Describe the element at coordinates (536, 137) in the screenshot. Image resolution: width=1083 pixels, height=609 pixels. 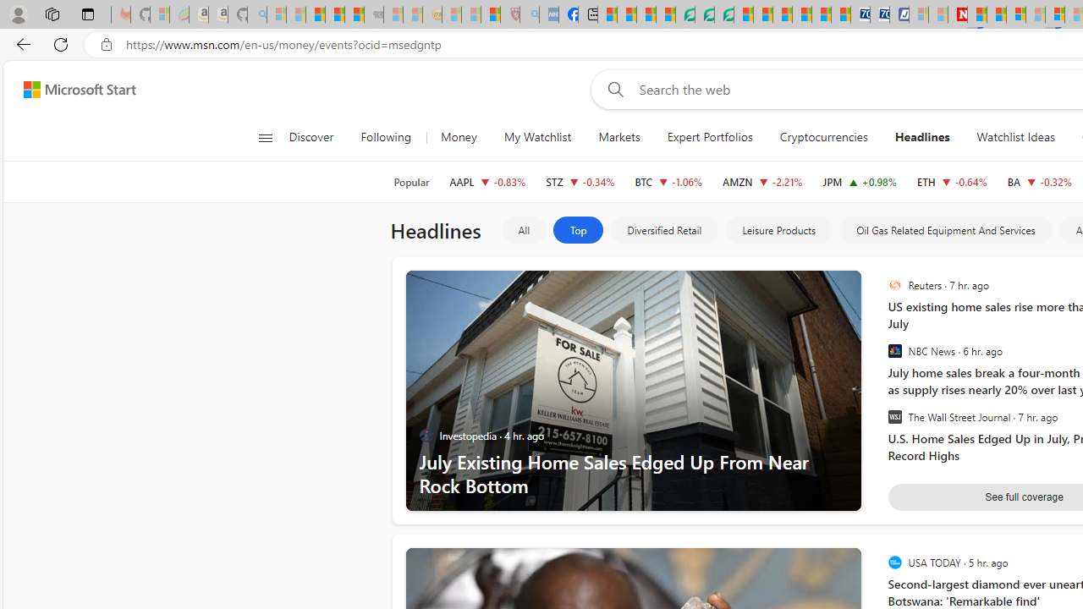
I see `'My Watchlist'` at that location.